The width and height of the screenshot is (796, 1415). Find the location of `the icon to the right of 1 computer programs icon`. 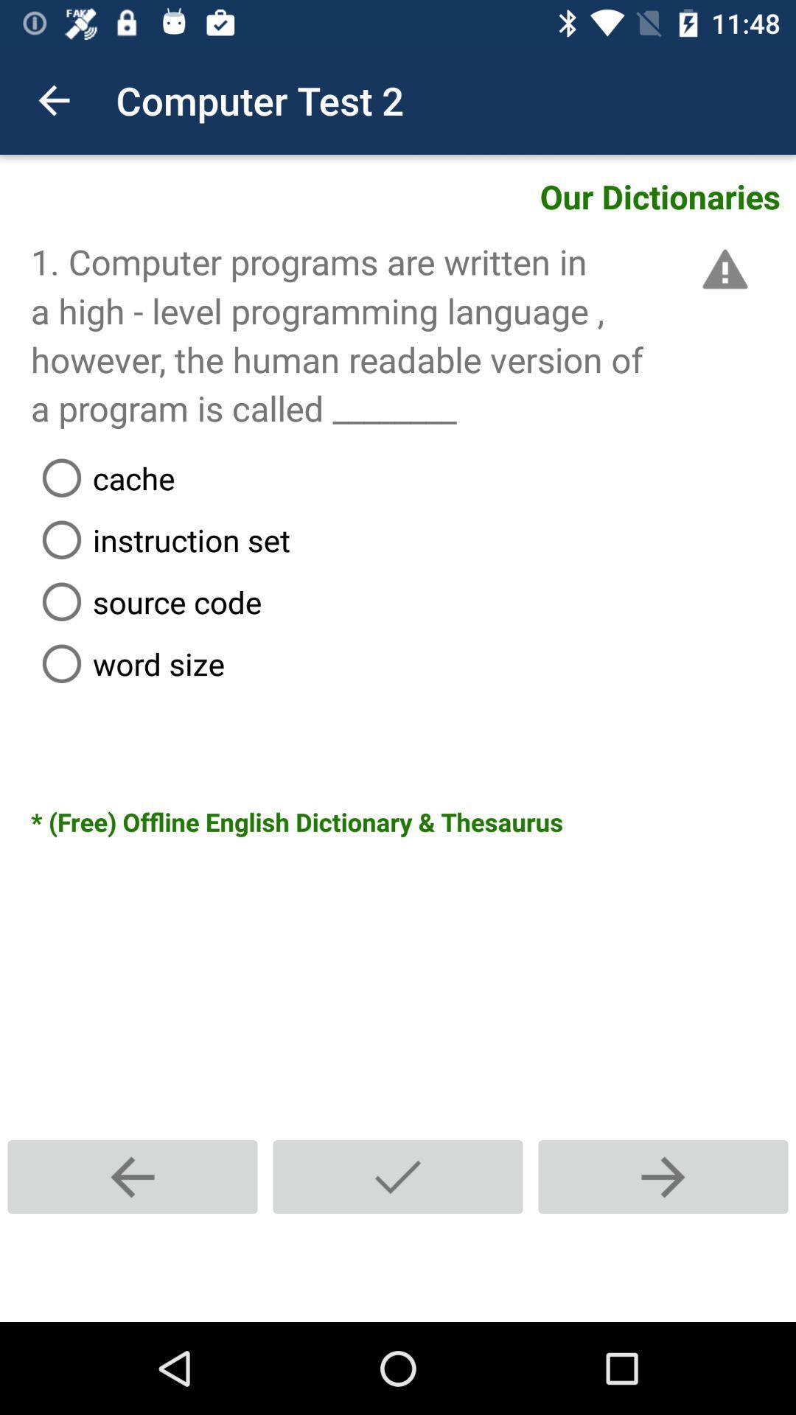

the icon to the right of 1 computer programs icon is located at coordinates (722, 269).